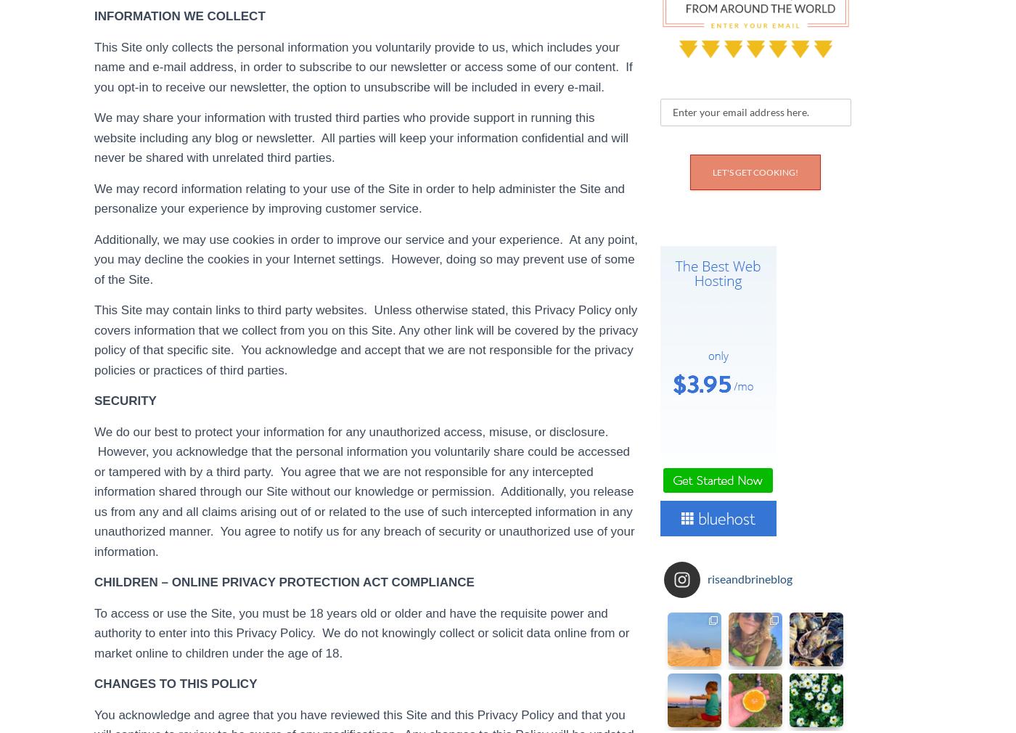  What do you see at coordinates (750, 578) in the screenshot?
I see `'riseandbrineblog'` at bounding box center [750, 578].